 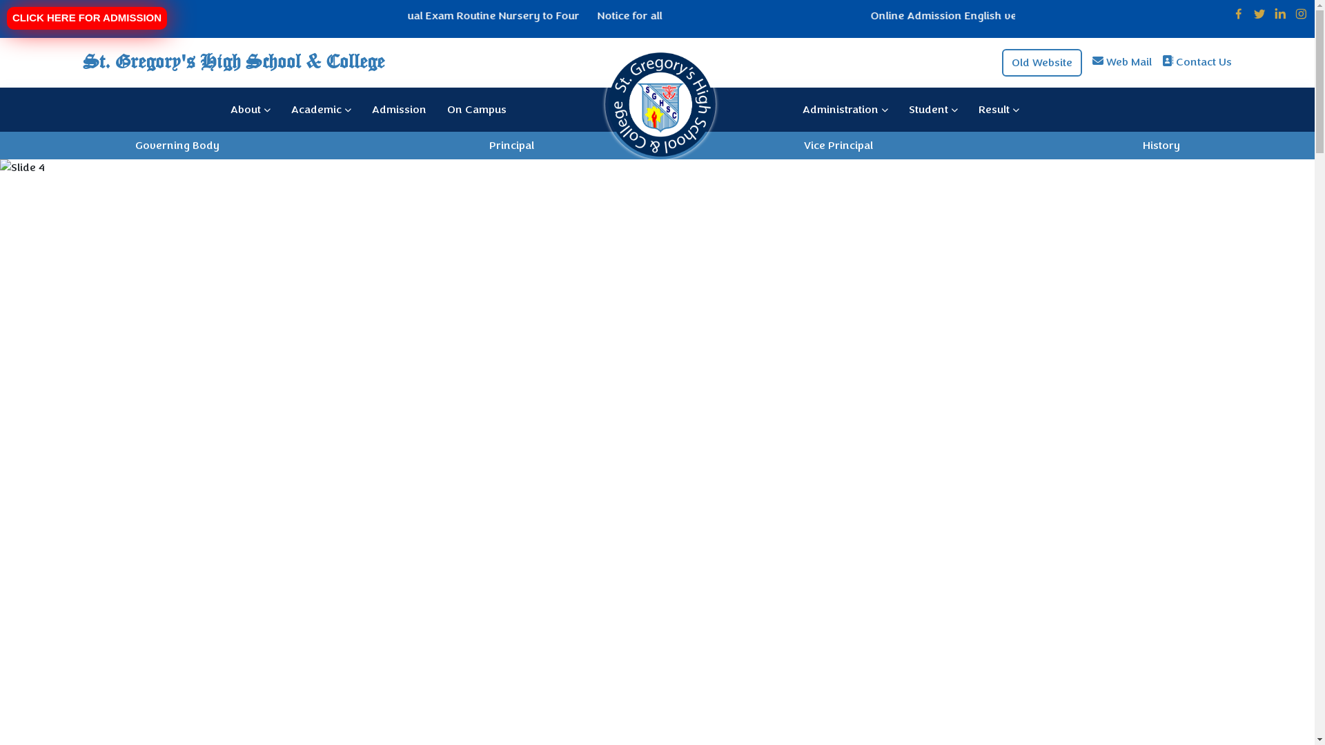 What do you see at coordinates (1106, 61) in the screenshot?
I see `'Web Mail'` at bounding box center [1106, 61].